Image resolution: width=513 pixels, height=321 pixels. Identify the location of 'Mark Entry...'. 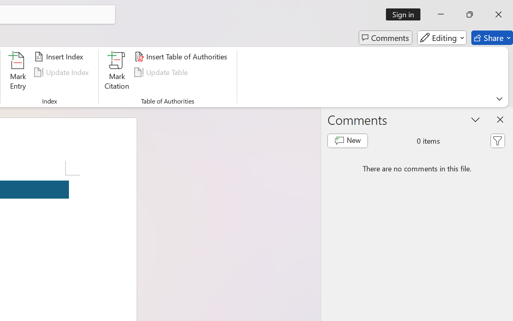
(18, 72).